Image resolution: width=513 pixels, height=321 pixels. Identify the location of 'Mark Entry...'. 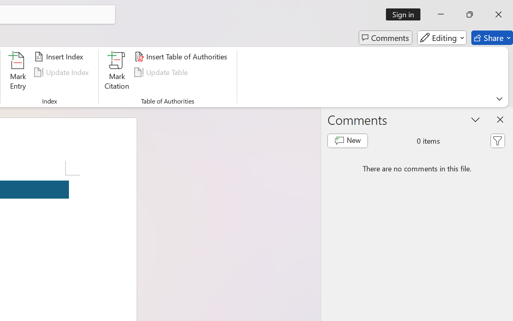
(18, 72).